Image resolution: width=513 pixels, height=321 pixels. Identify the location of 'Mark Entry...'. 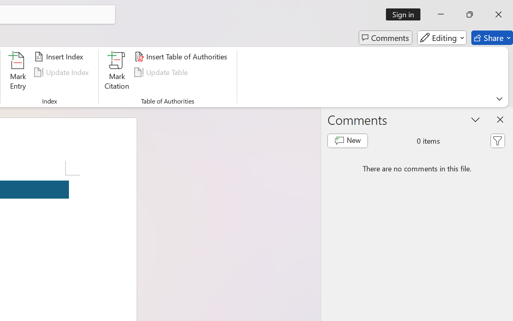
(18, 72).